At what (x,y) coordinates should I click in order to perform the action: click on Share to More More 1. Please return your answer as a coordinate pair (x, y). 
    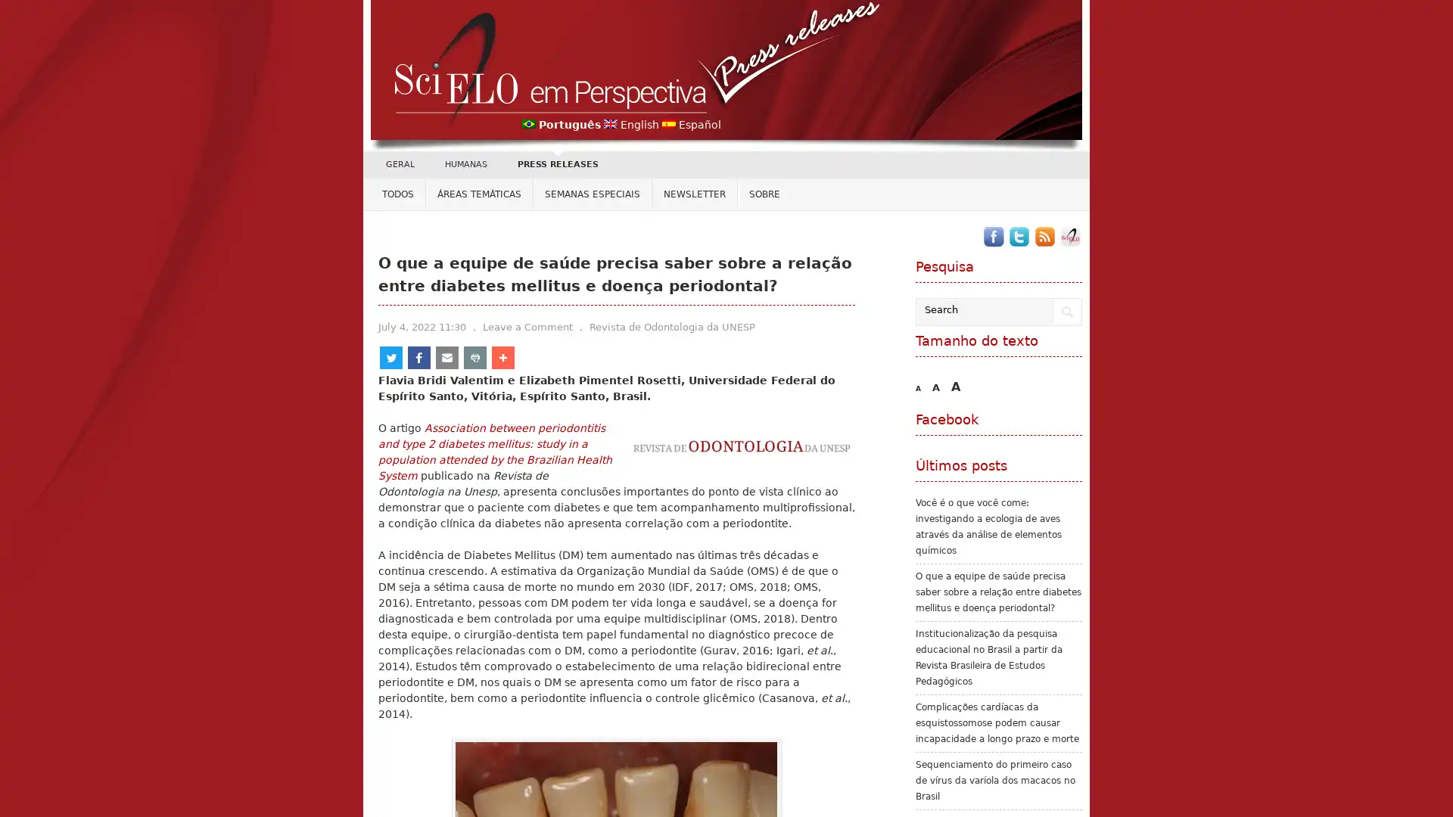
    Looking at the image, I should click on (690, 358).